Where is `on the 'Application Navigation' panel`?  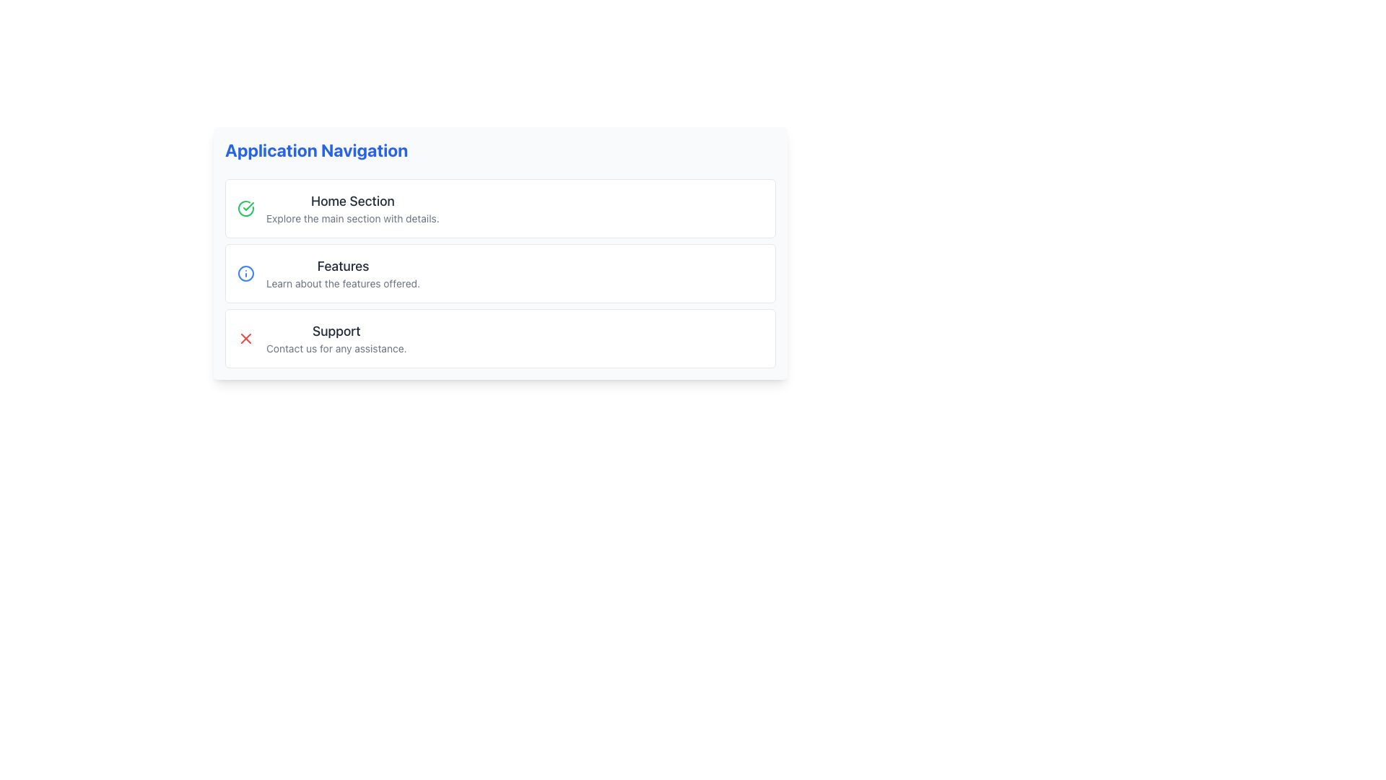 on the 'Application Navigation' panel is located at coordinates (500, 285).